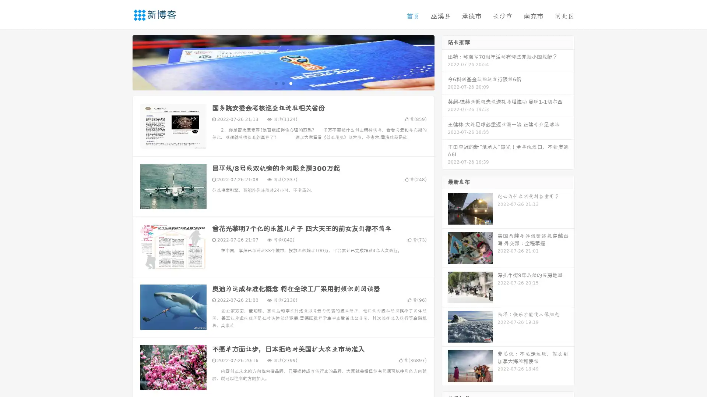 This screenshot has width=707, height=397. What do you see at coordinates (122, 62) in the screenshot?
I see `Previous slide` at bounding box center [122, 62].